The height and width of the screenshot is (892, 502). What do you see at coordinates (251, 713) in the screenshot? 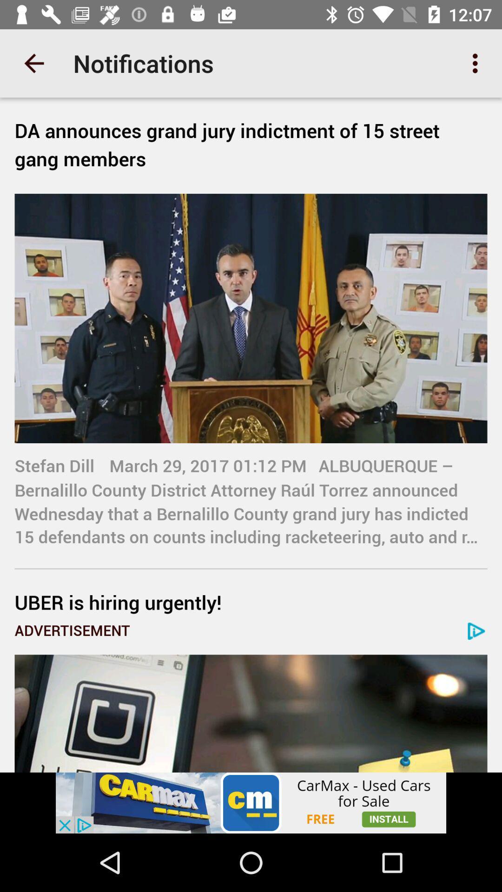
I see `advertisement link` at bounding box center [251, 713].